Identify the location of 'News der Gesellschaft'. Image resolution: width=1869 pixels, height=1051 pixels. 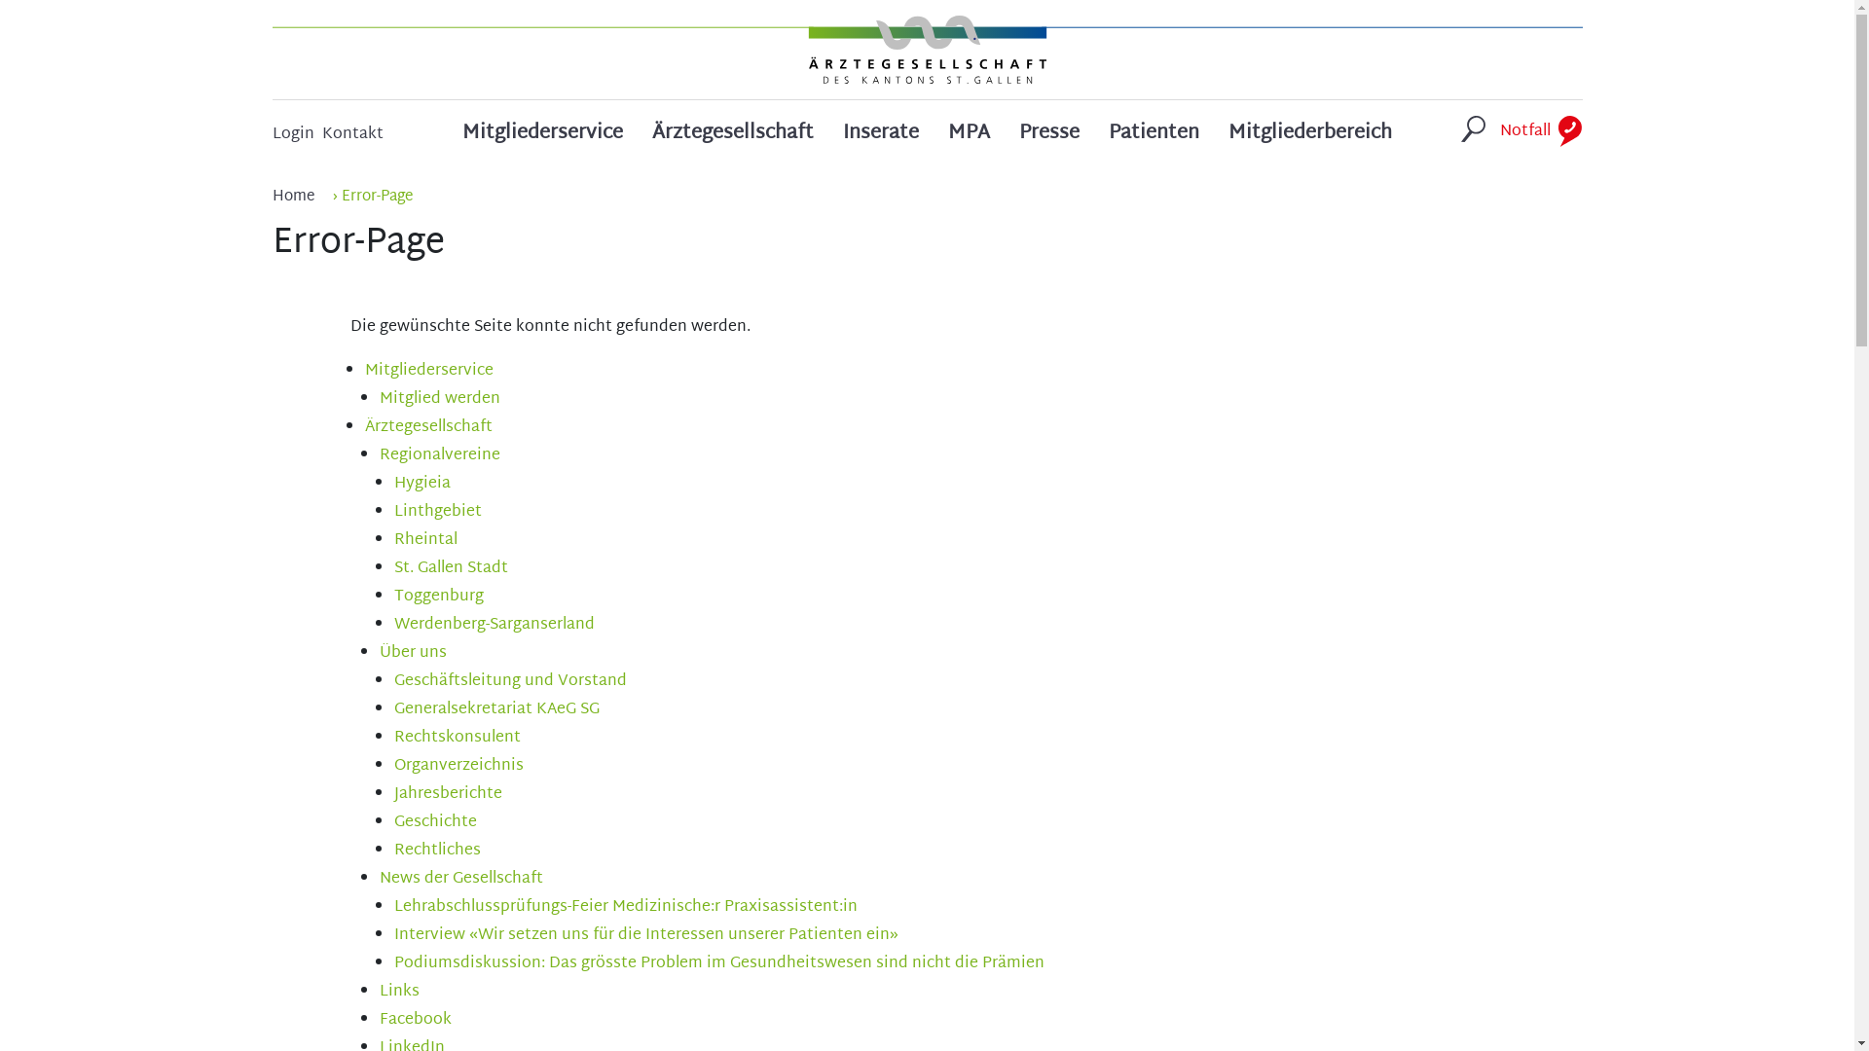
(460, 879).